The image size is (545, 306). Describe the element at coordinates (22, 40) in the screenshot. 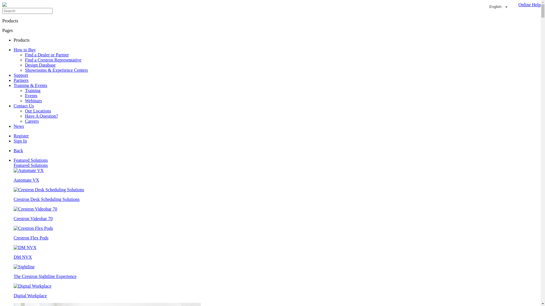

I see `'Products'` at that location.